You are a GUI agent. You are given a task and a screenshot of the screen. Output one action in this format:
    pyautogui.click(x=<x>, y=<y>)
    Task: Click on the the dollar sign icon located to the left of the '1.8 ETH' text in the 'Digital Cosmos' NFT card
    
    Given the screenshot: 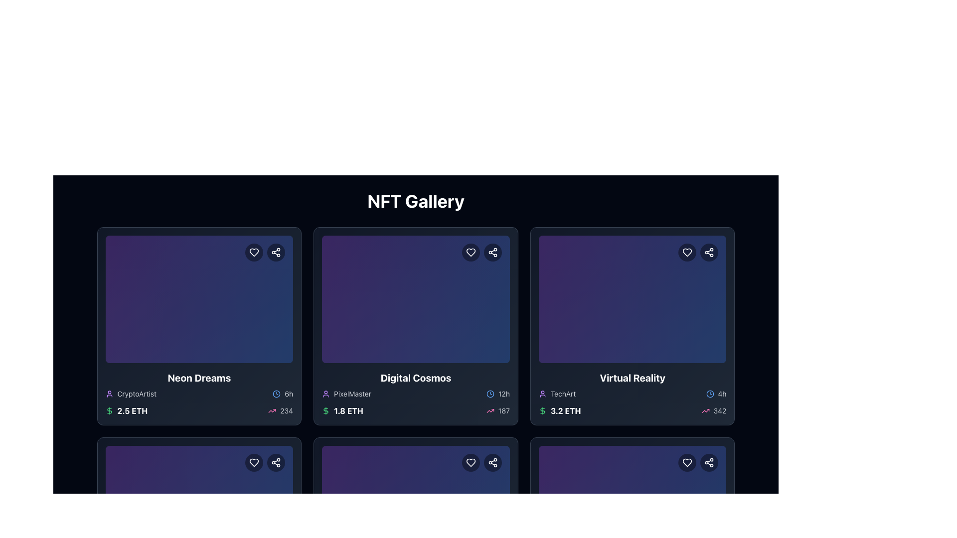 What is the action you would take?
    pyautogui.click(x=326, y=411)
    